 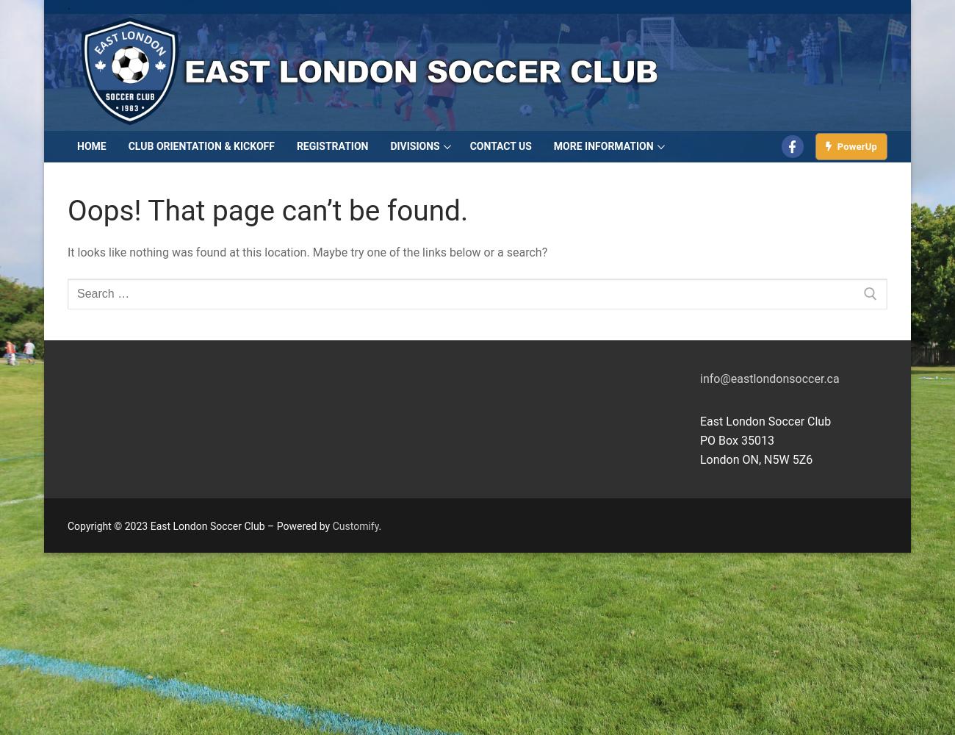 I want to click on 'More Information', so click(x=552, y=146).